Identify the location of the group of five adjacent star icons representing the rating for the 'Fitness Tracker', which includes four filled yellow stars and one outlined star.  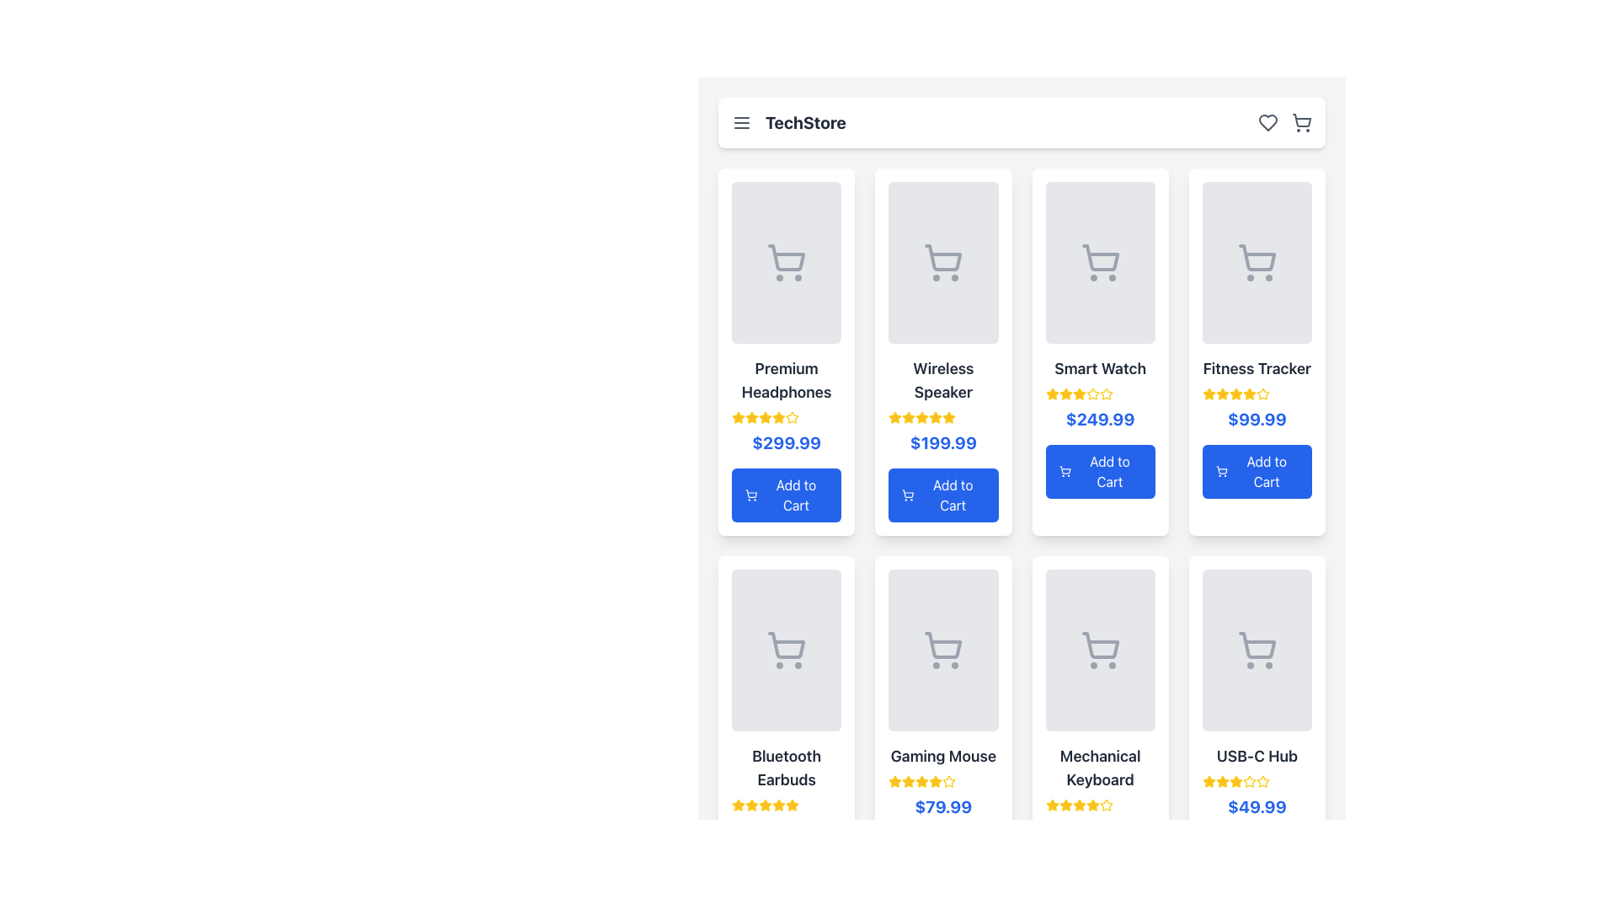
(1257, 393).